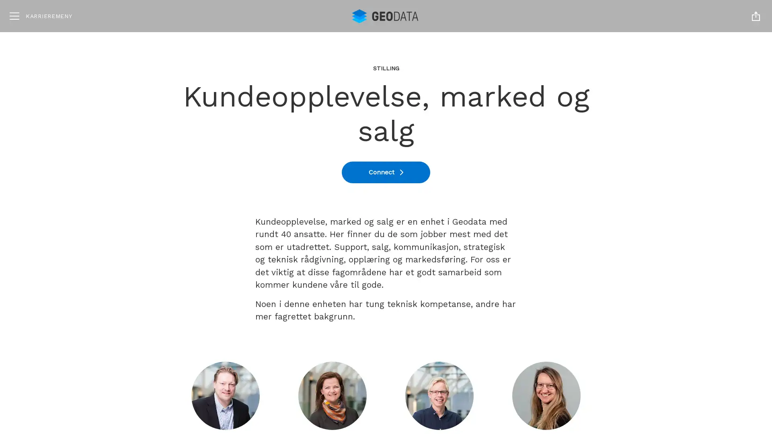 The width and height of the screenshot is (772, 434). I want to click on Preferanser for informasjonskapsler, so click(680, 390).